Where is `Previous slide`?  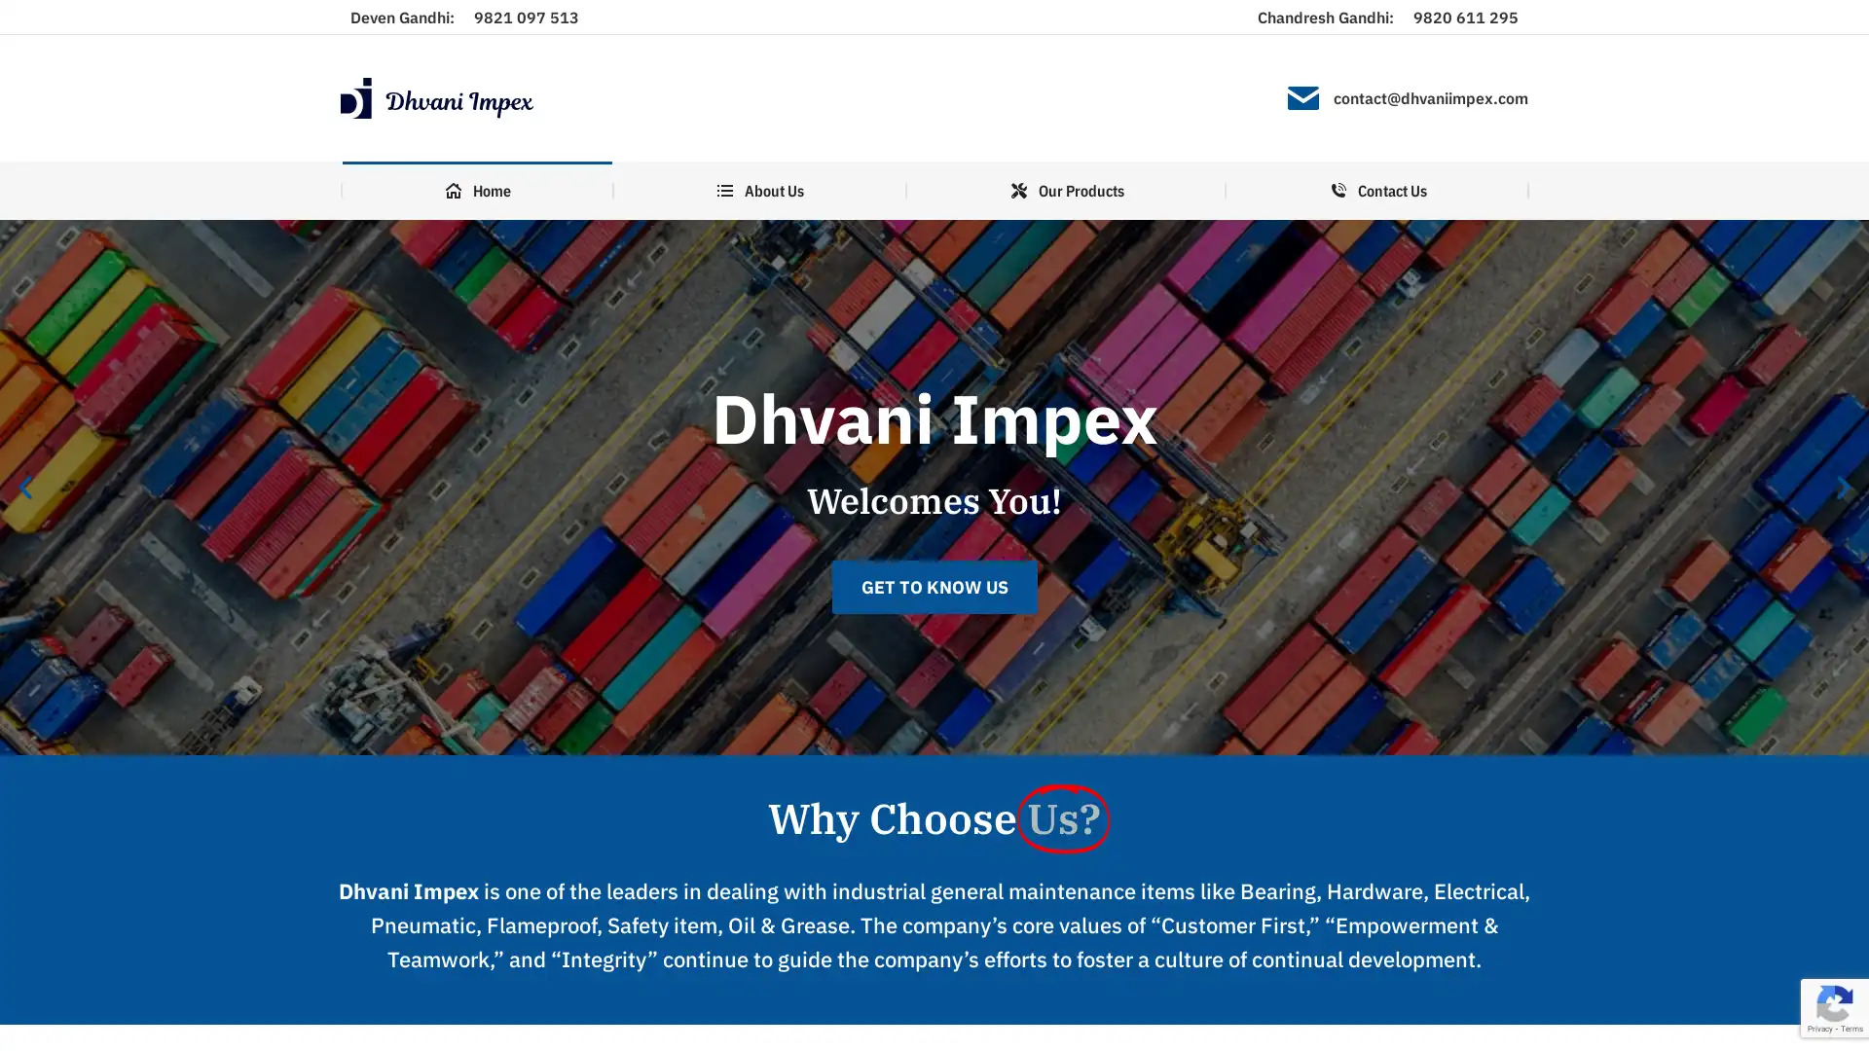 Previous slide is located at coordinates (24, 487).